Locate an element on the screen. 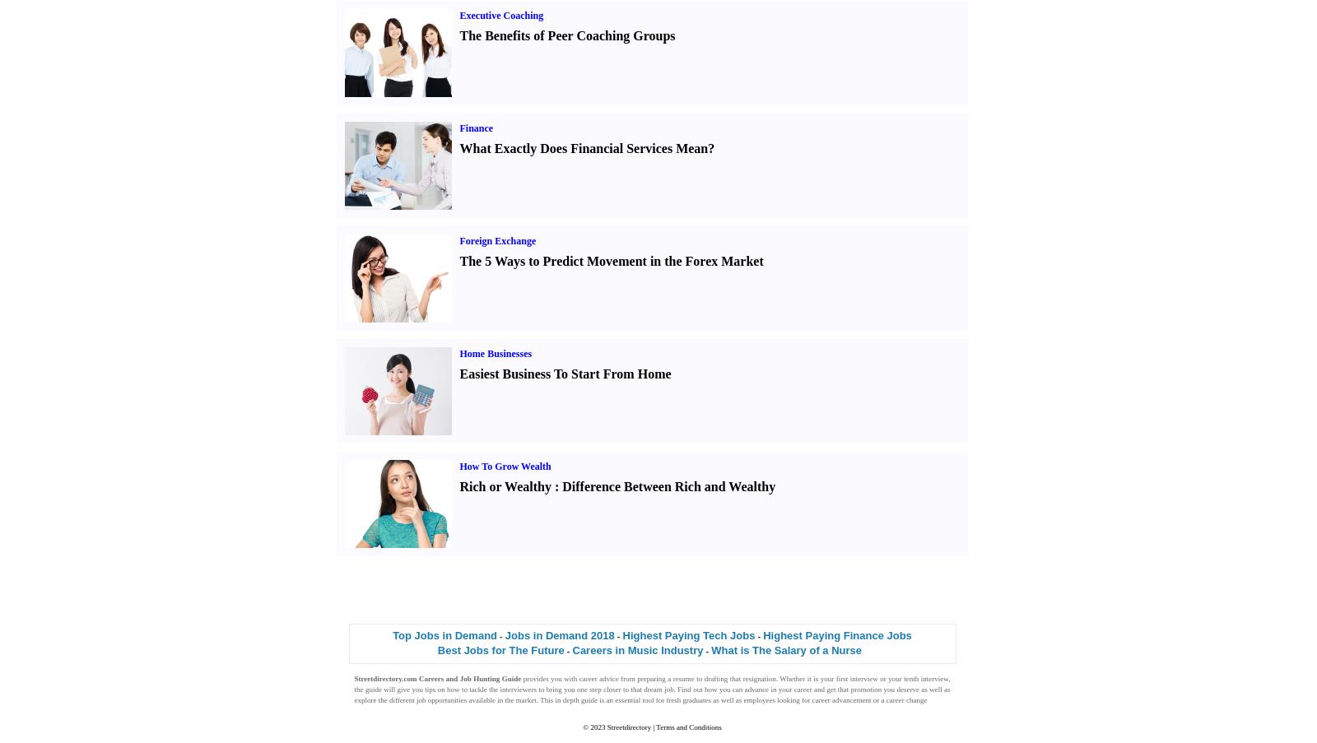 Image resolution: width=1317 pixels, height=743 pixels. '|' is located at coordinates (653, 727).